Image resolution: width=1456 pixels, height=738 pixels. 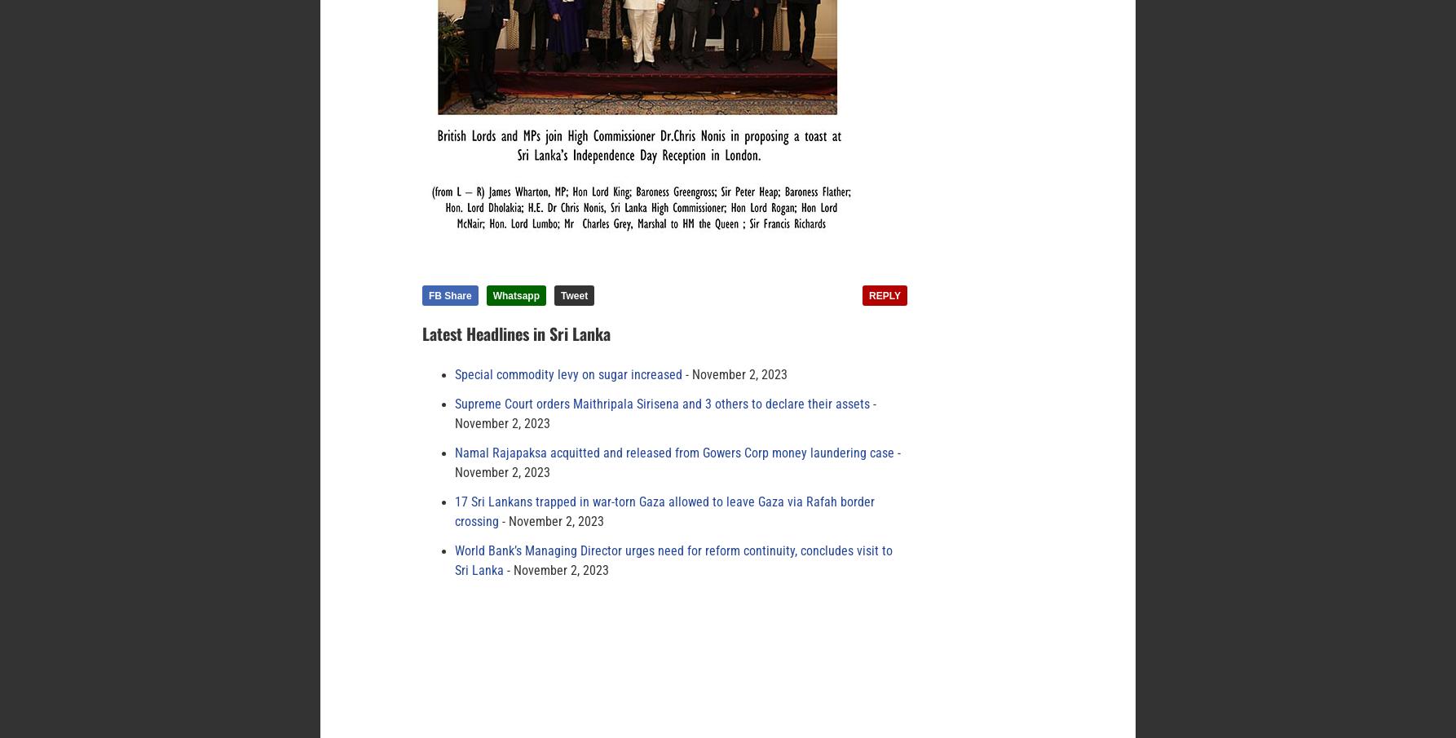 What do you see at coordinates (673, 453) in the screenshot?
I see `'Namal Rajapaksa acquitted and released from Gowers Corp money laundering case'` at bounding box center [673, 453].